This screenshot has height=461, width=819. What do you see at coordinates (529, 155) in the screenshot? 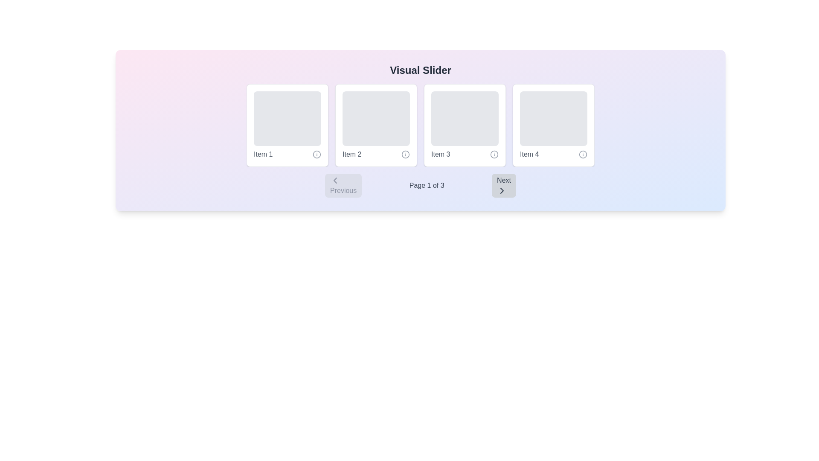
I see `the text label displaying 'Item 4' which is styled in gray and positioned beneath the last box in a row of four boxes` at bounding box center [529, 155].